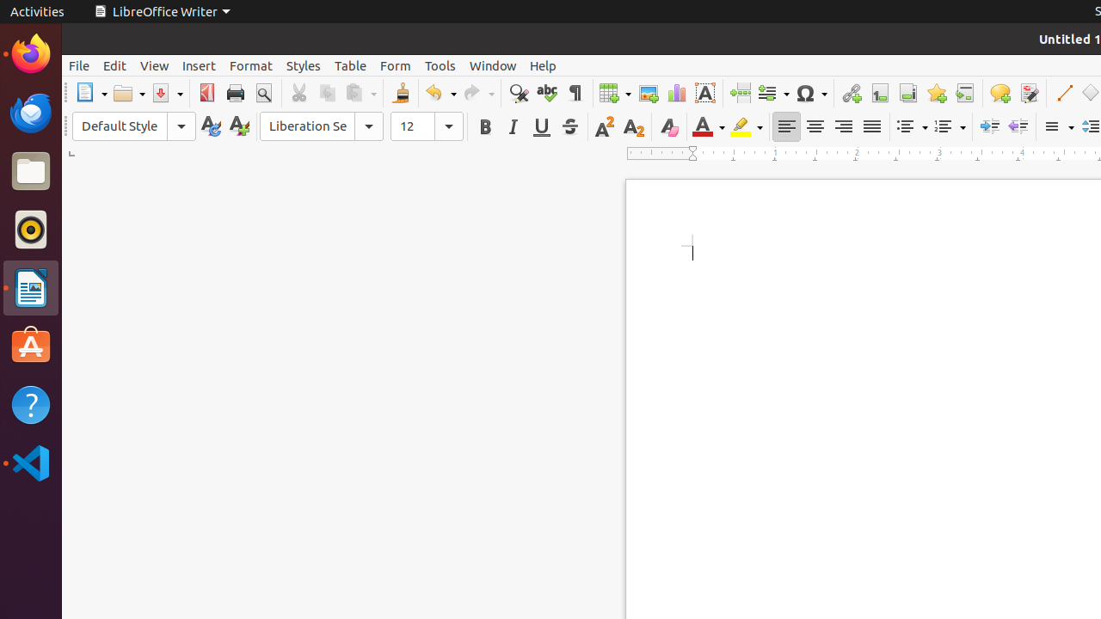  I want to click on 'Update', so click(209, 126).